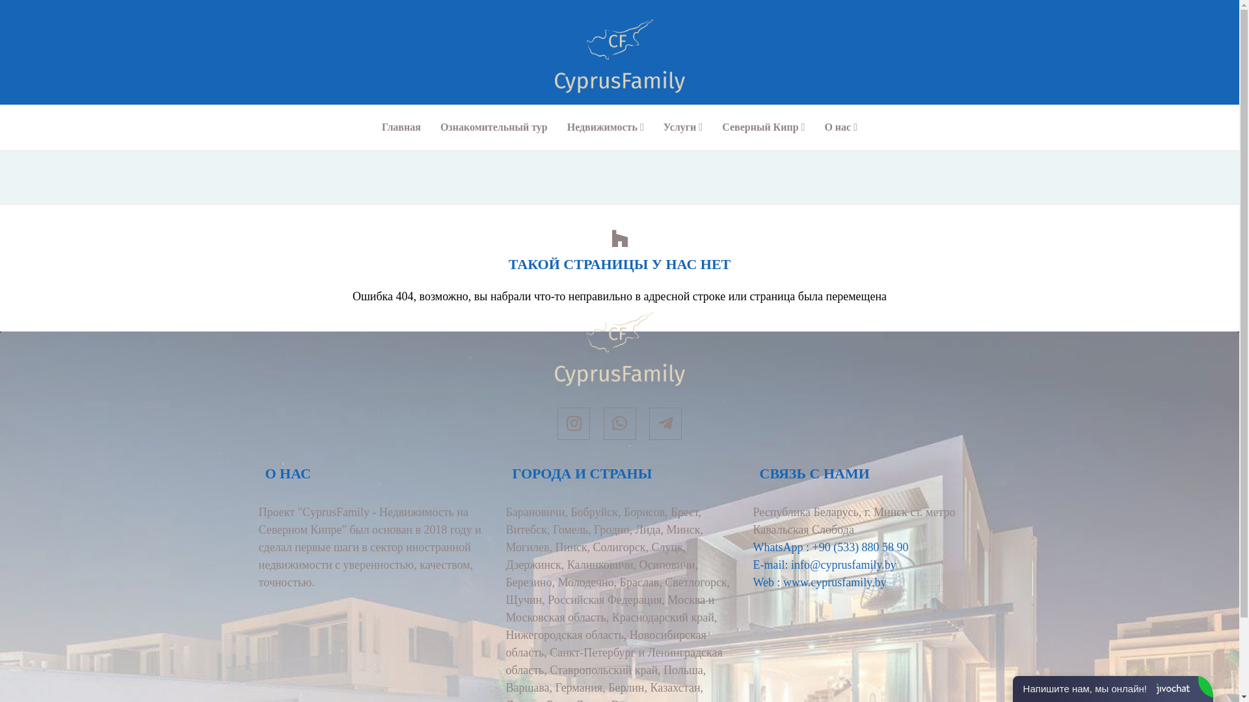 The image size is (1249, 702). I want to click on 'Web : www.cyprusfamily.by', so click(753, 581).